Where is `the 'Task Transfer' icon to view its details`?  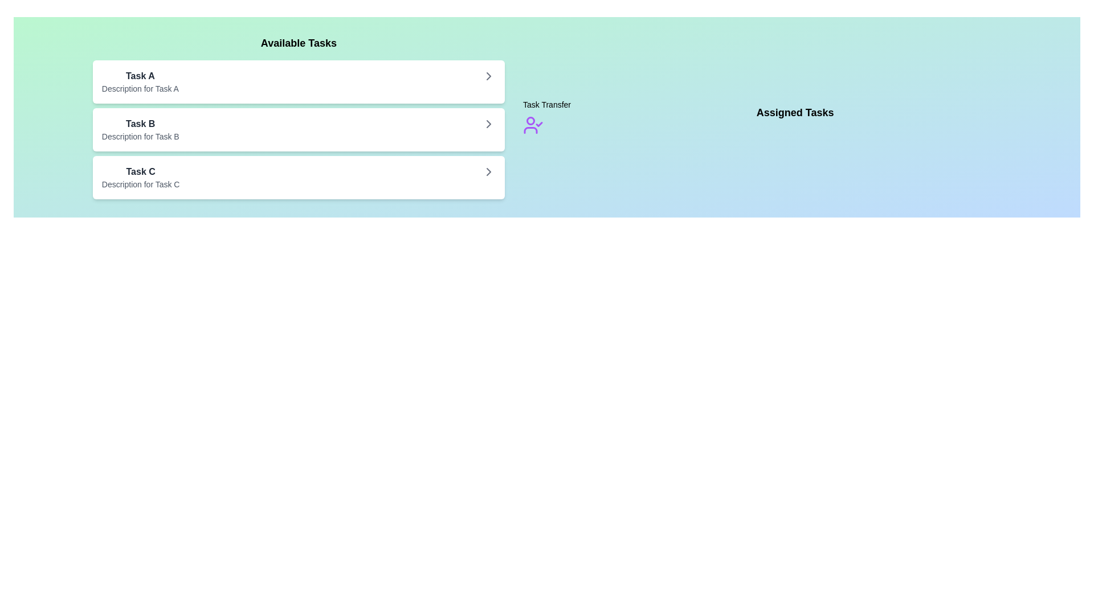
the 'Task Transfer' icon to view its details is located at coordinates (533, 125).